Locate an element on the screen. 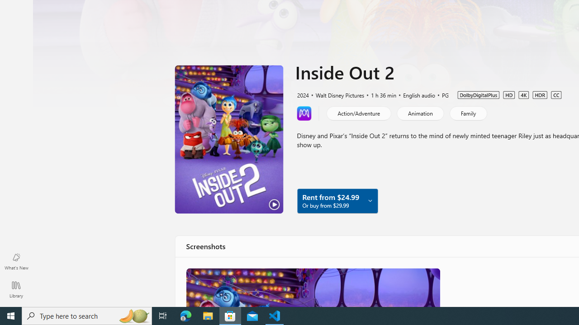 This screenshot has width=579, height=325. '1 h 36 min' is located at coordinates (380, 94).